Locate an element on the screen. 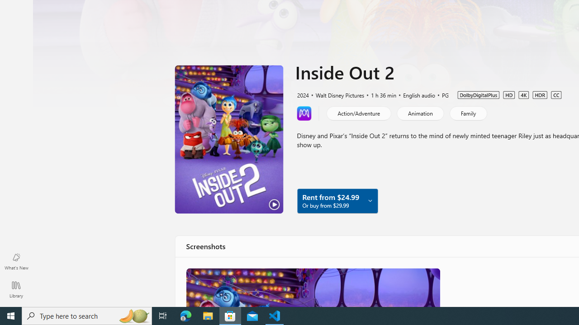 This screenshot has width=579, height=325. '1 h 36 min' is located at coordinates (380, 94).